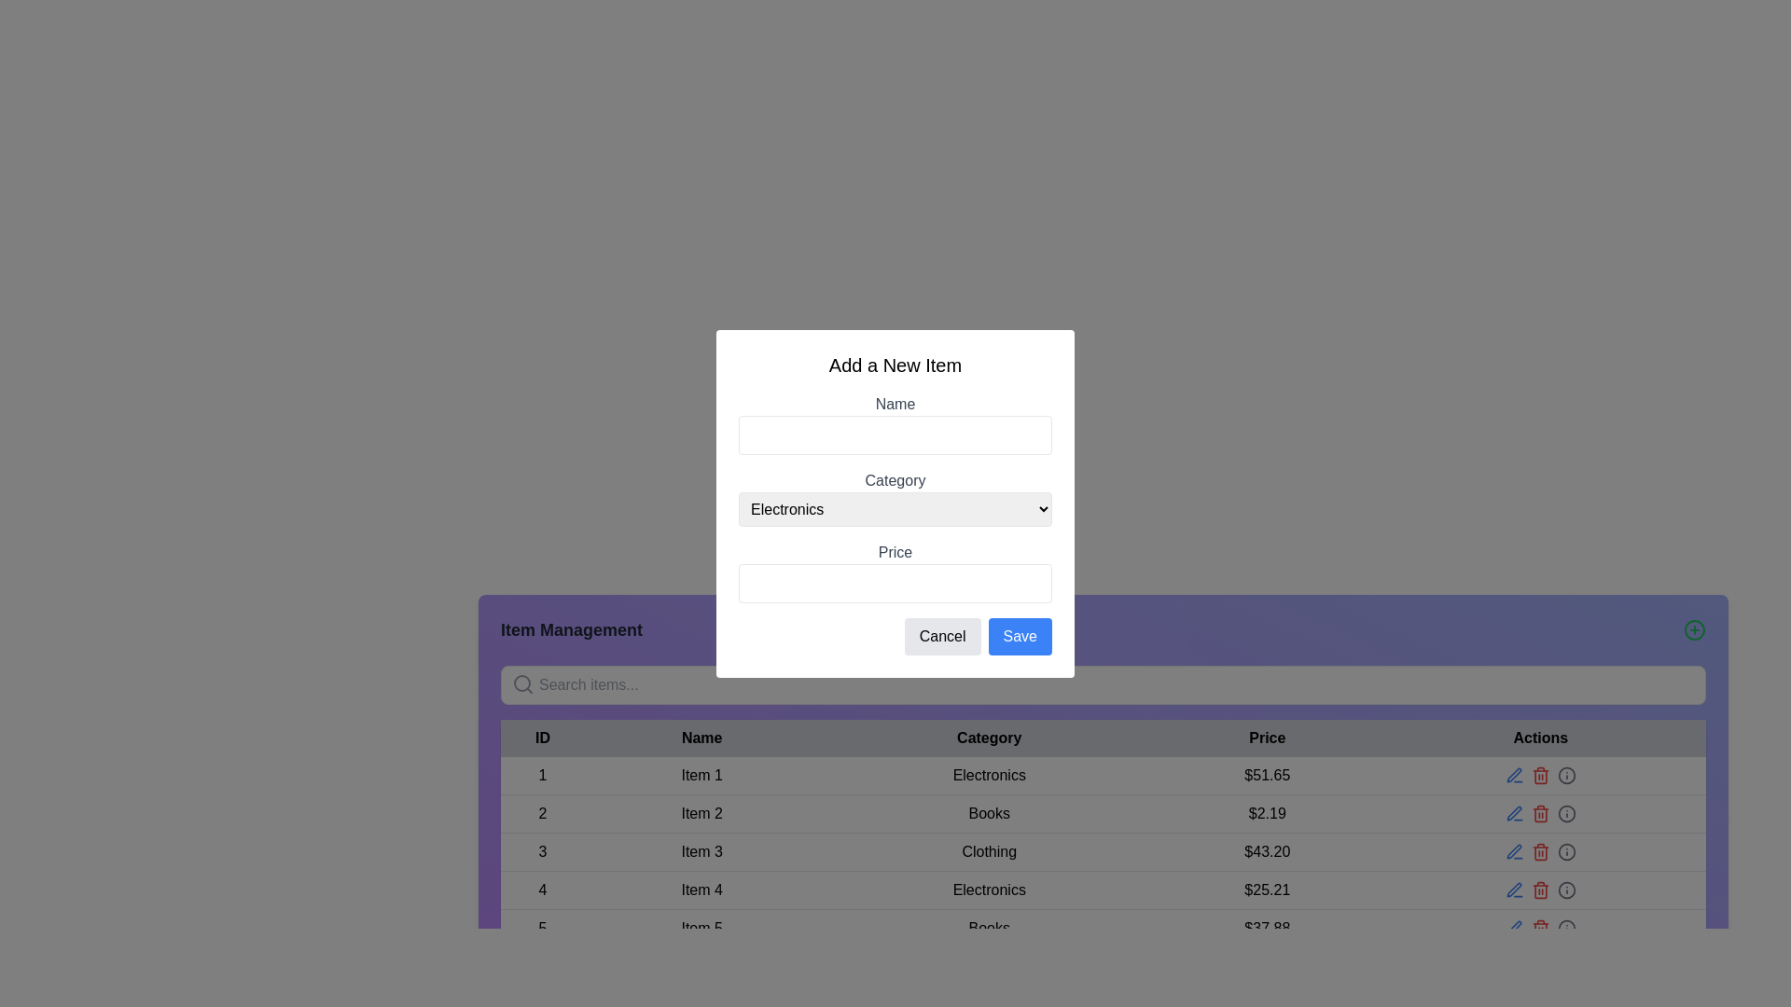 The image size is (1791, 1007). I want to click on the interactive trash can icon located in the 'Actions' column of the table, which is the second icon in the row for 'Item 3', so click(1540, 852).